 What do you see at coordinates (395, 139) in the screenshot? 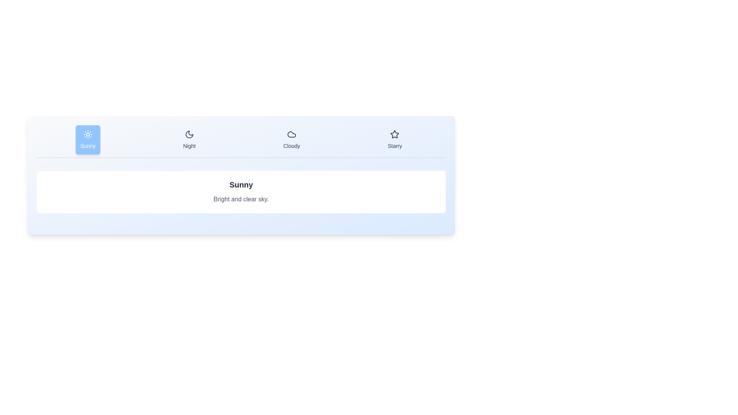
I see `the weather condition Starry by clicking its corresponding tab` at bounding box center [395, 139].